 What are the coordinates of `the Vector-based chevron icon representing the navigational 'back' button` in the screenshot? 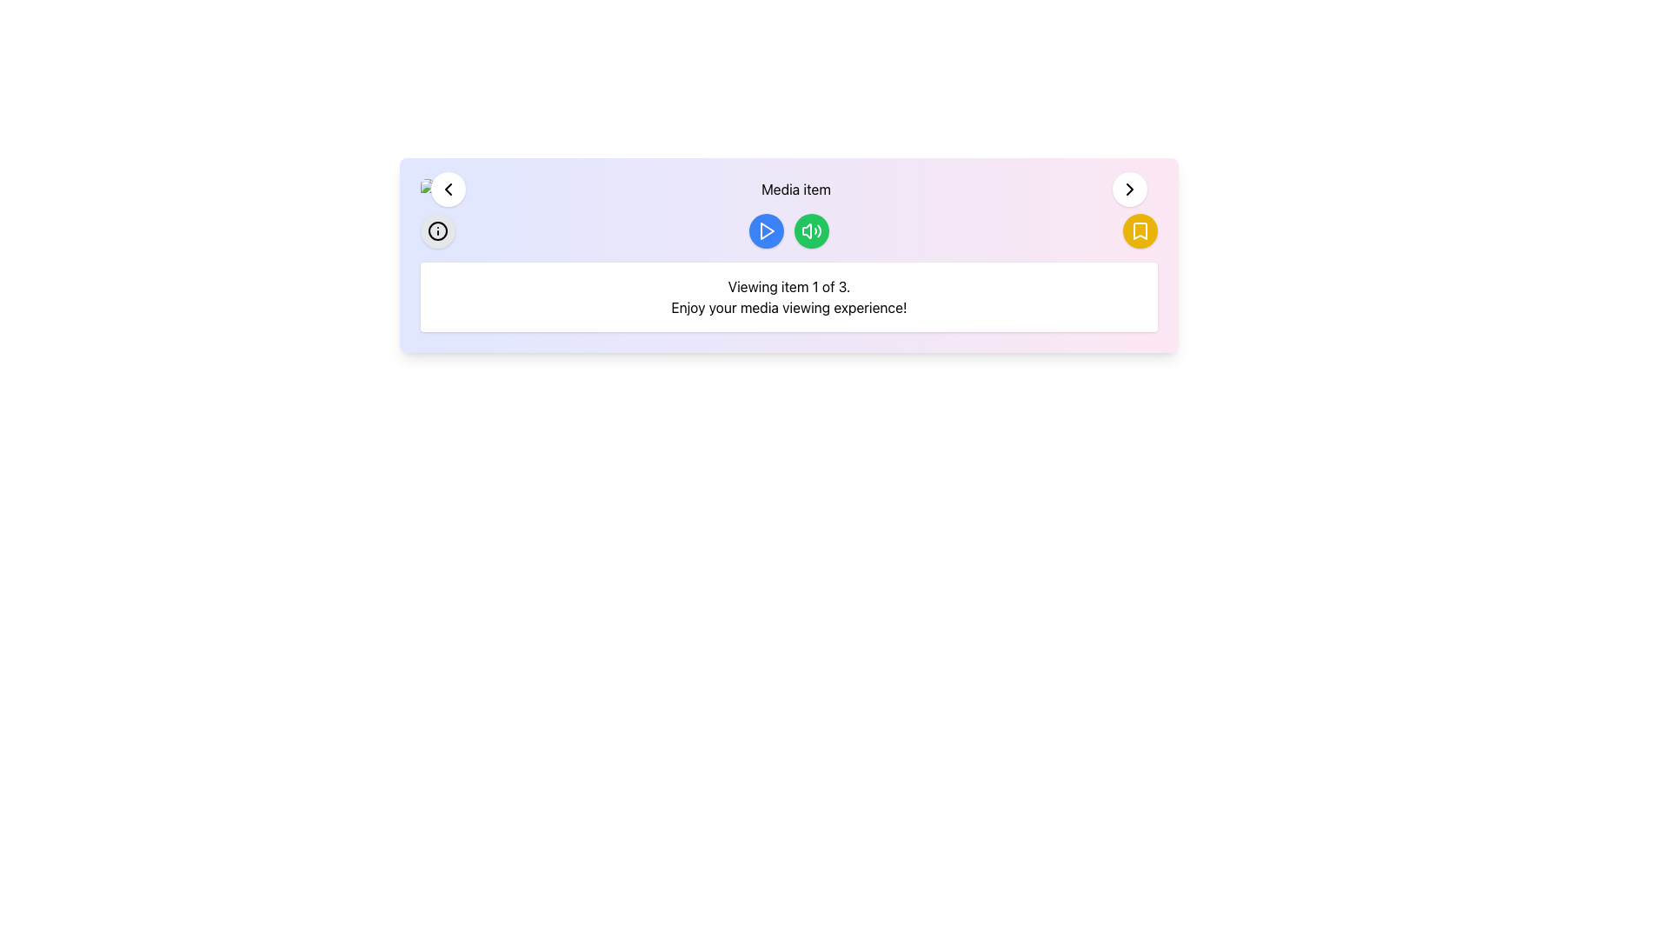 It's located at (448, 190).